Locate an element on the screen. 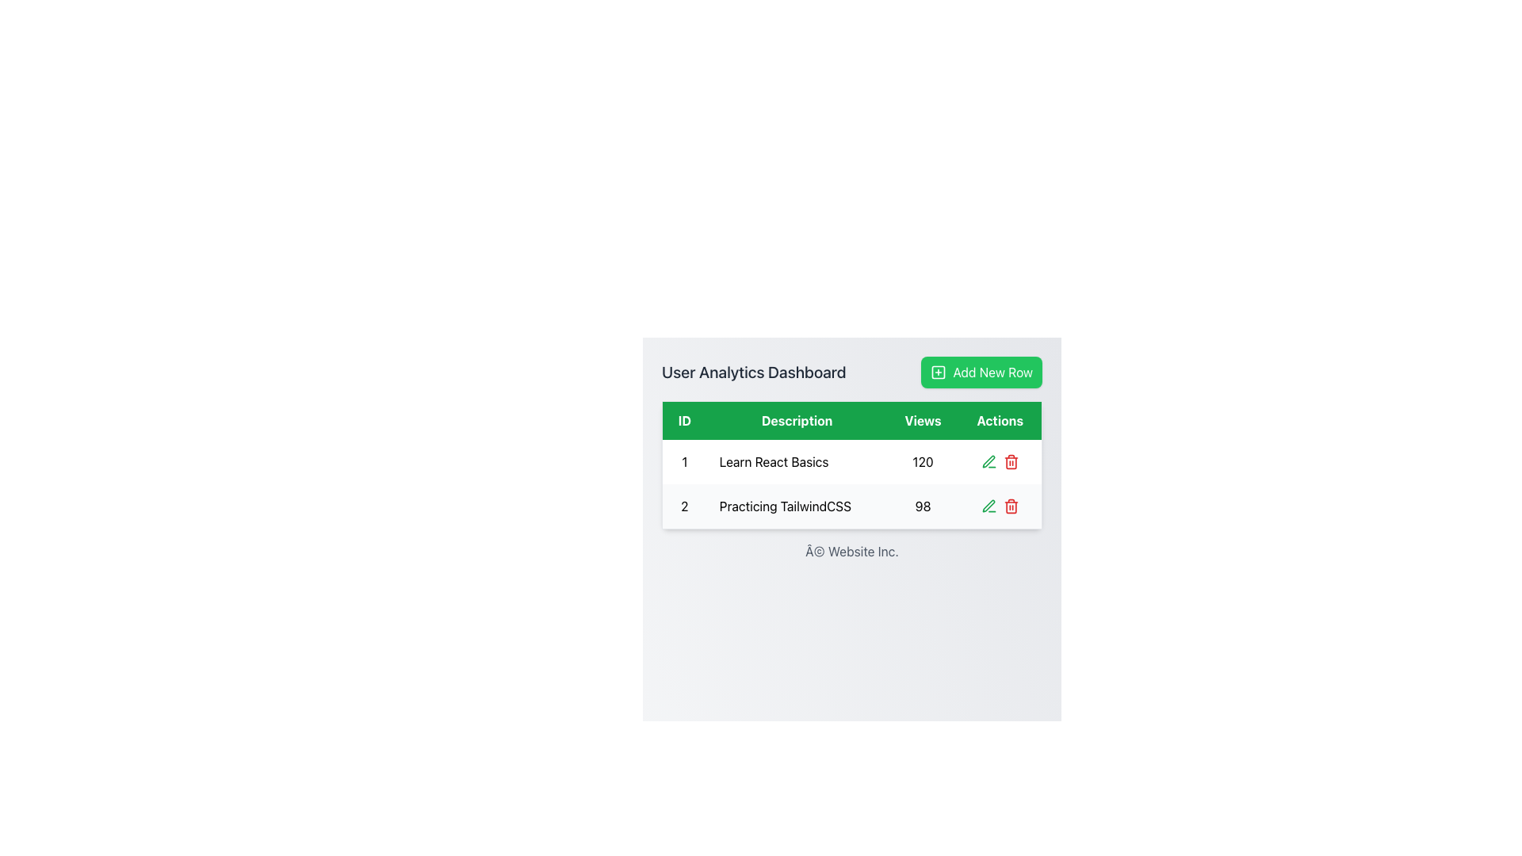  the Static Text Label, which serves as a title or header for the section, located at the center-left of the interface above a table-like layout is located at coordinates (753, 373).